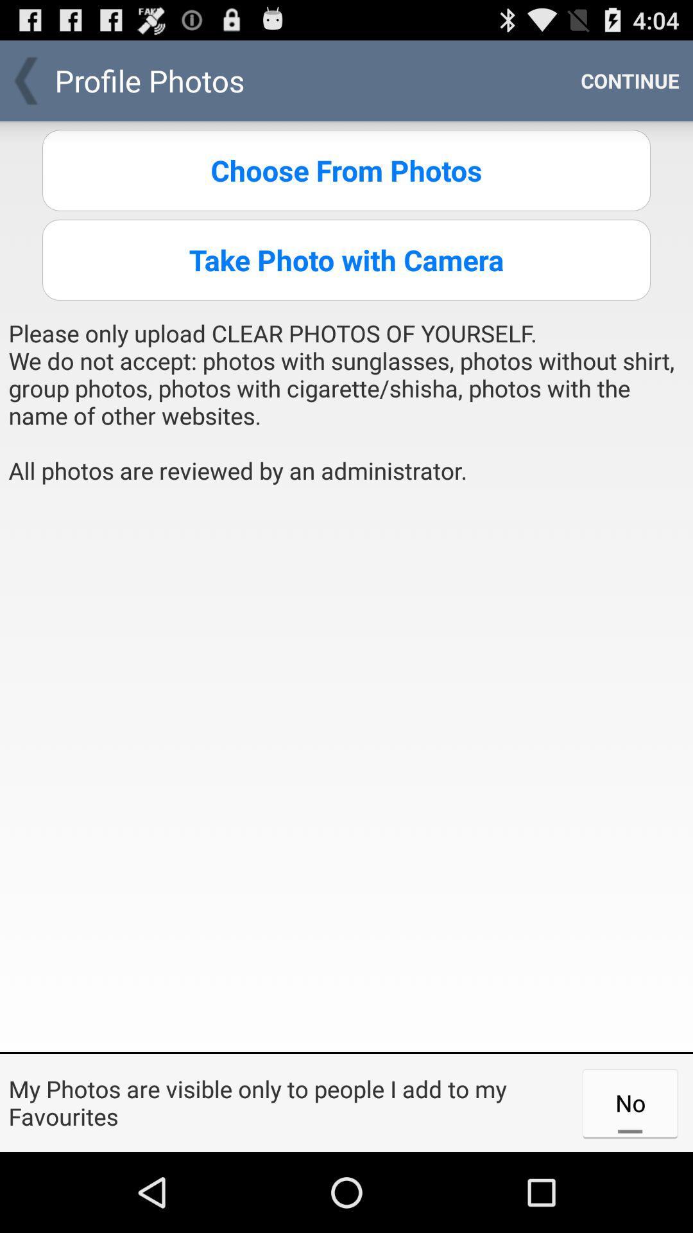 The height and width of the screenshot is (1233, 693). I want to click on item to the right of my photos are item, so click(629, 1102).